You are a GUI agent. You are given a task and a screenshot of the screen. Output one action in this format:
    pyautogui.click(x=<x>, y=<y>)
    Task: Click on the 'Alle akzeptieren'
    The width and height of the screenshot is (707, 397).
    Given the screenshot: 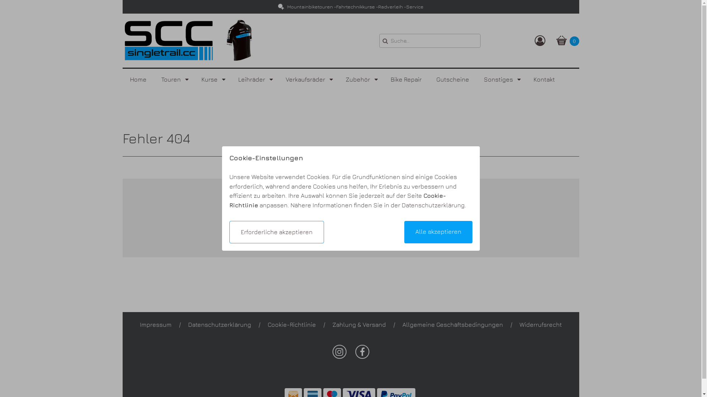 What is the action you would take?
    pyautogui.click(x=438, y=232)
    